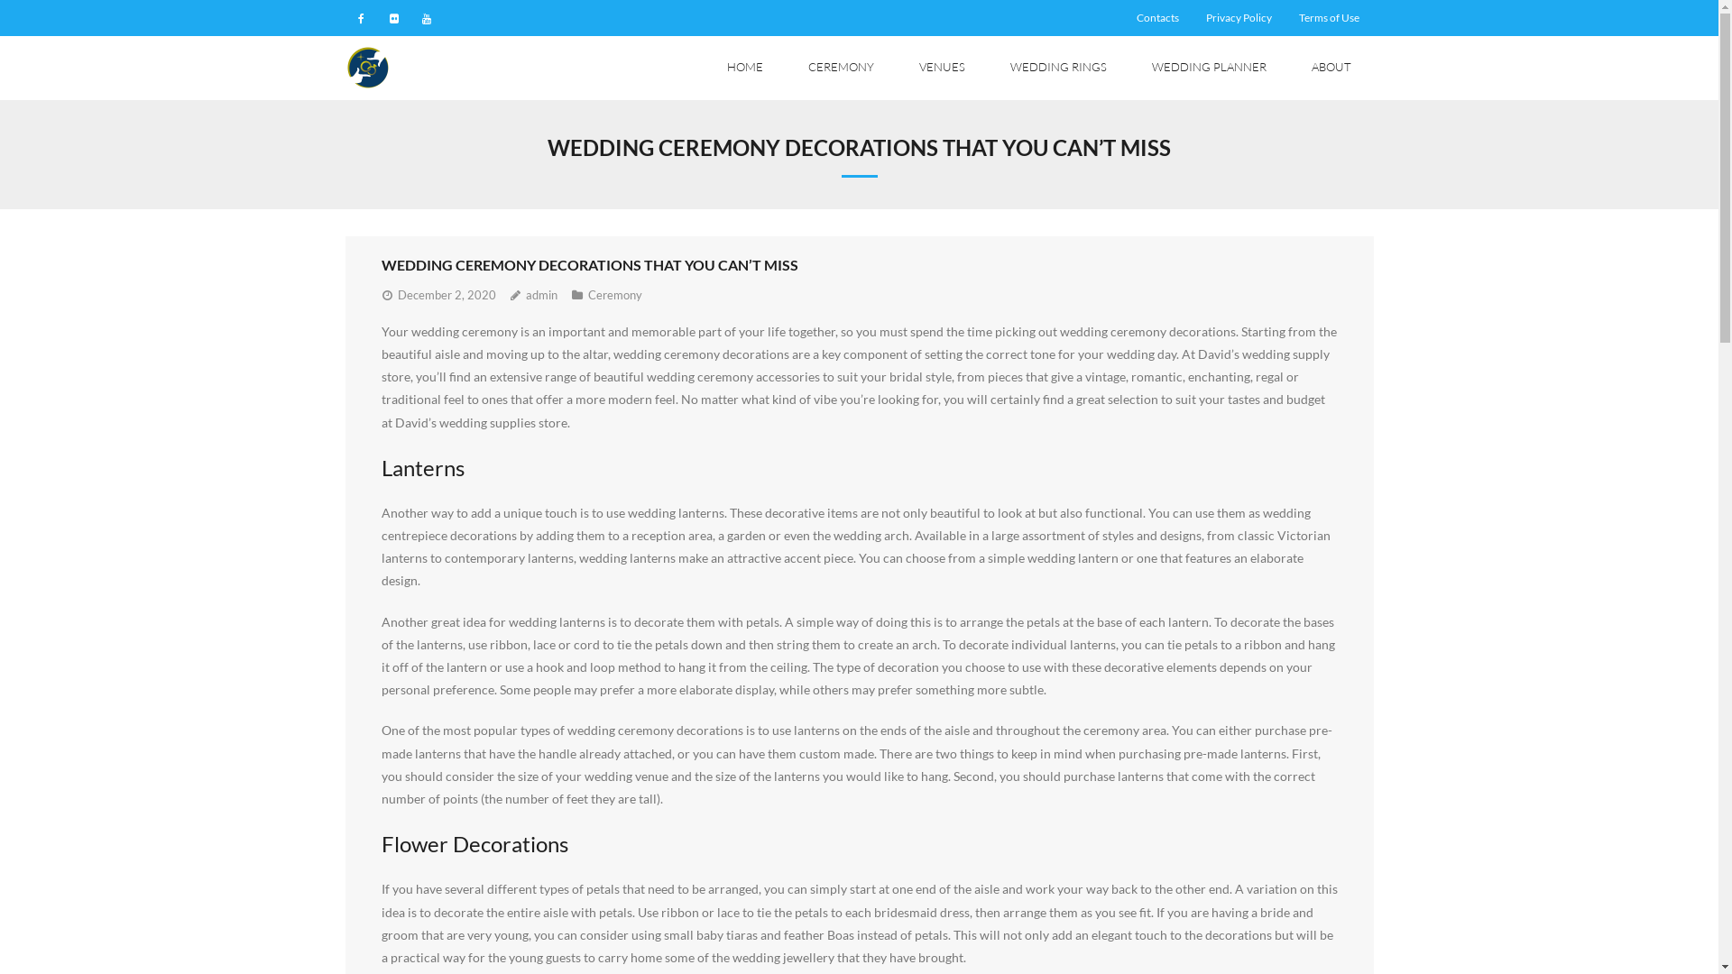 This screenshot has width=1732, height=974. Describe the element at coordinates (1129, 67) in the screenshot. I see `'WEDDING PLANNER'` at that location.